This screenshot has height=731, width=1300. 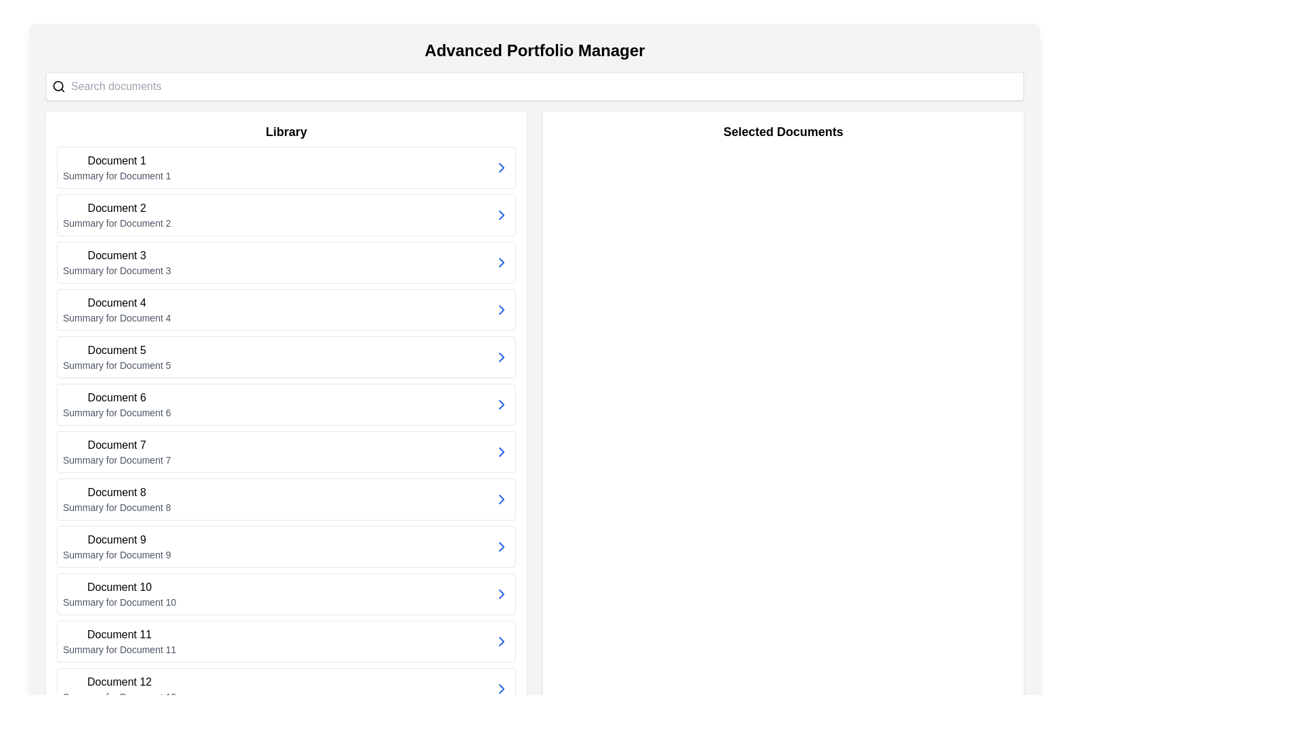 I want to click on the selectable list item representing 'Document 12', so click(x=285, y=689).